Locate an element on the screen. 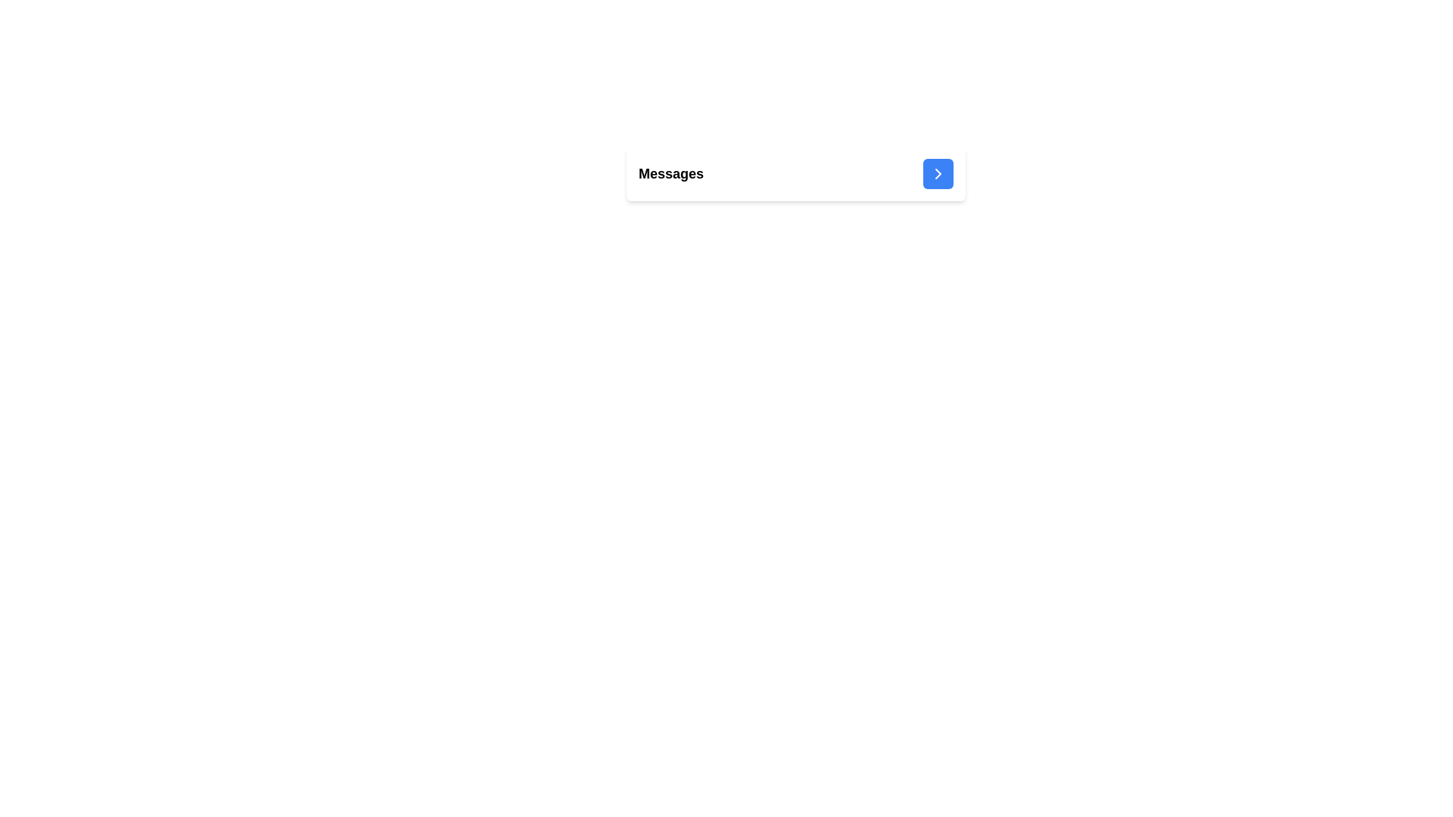 The width and height of the screenshot is (1453, 817). the right-chevron icon located at the center of the blue button in the upper-right corner of the white card labeled 'Messages.' is located at coordinates (937, 173).